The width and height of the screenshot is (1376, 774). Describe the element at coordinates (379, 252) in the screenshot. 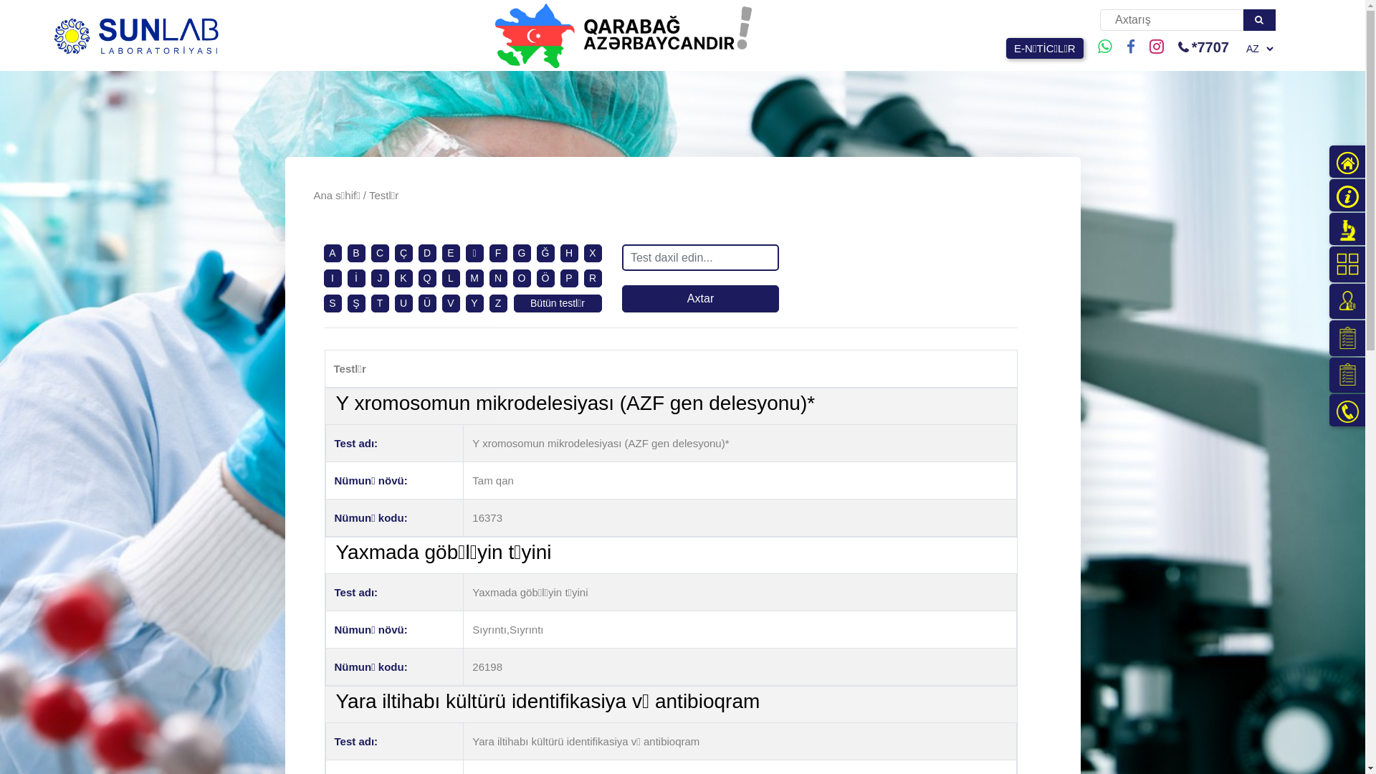

I see `'C'` at that location.